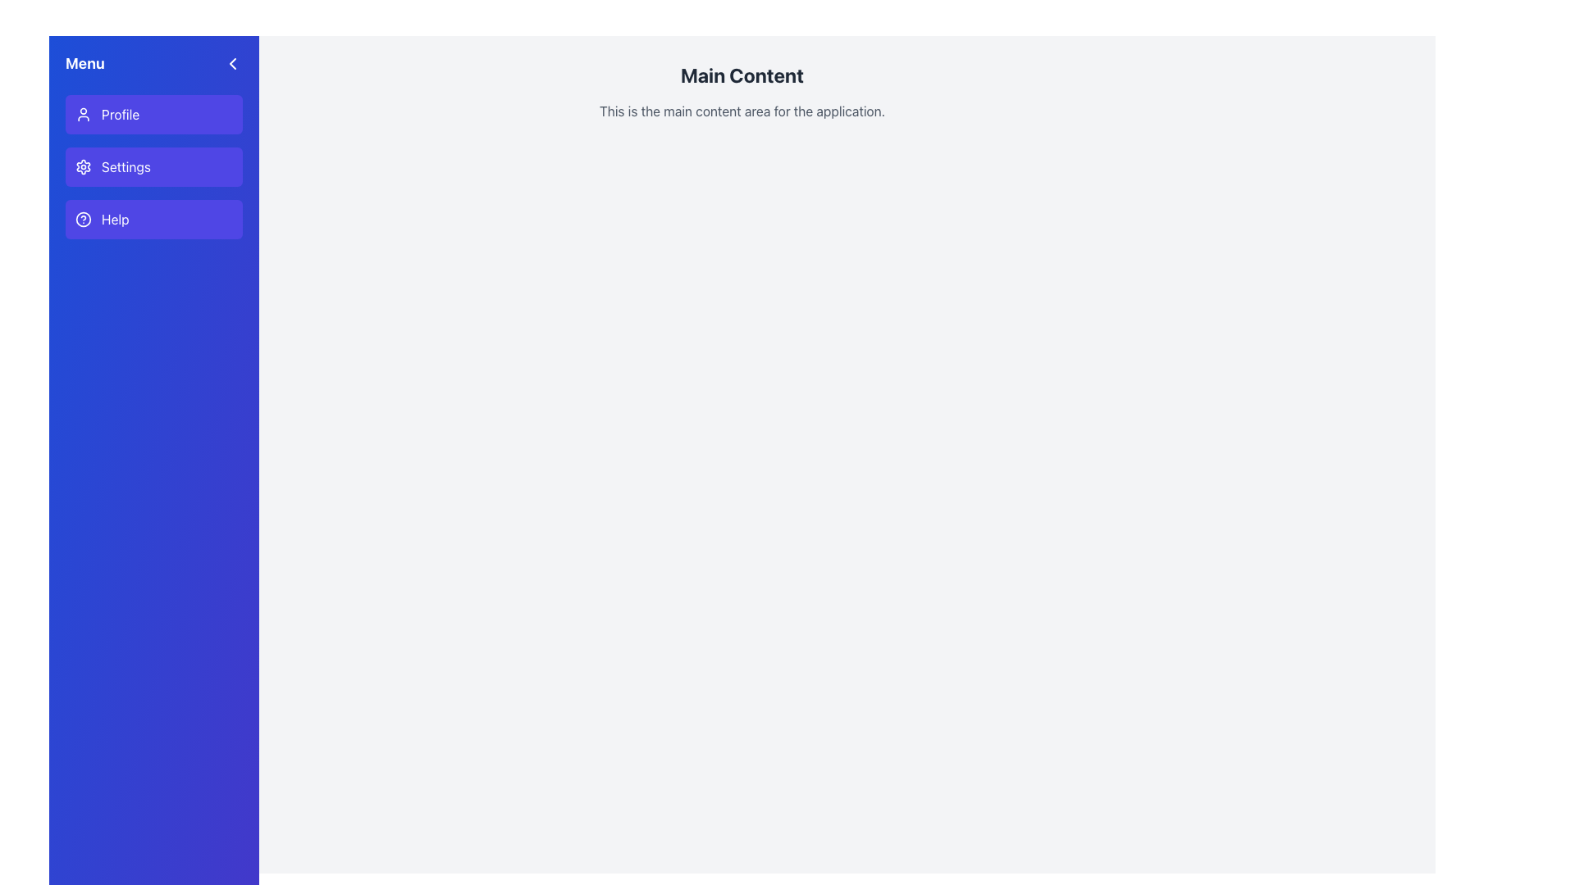 The image size is (1575, 885). I want to click on the 'Settings' icon located in the left sidebar navigation menu, so click(82, 167).